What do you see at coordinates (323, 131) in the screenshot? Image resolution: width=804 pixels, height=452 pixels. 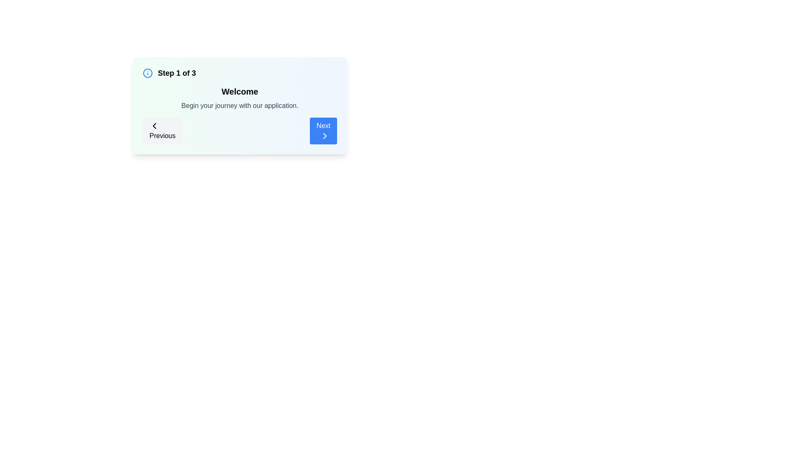 I see `the 'Next' button to navigate to the next step` at bounding box center [323, 131].